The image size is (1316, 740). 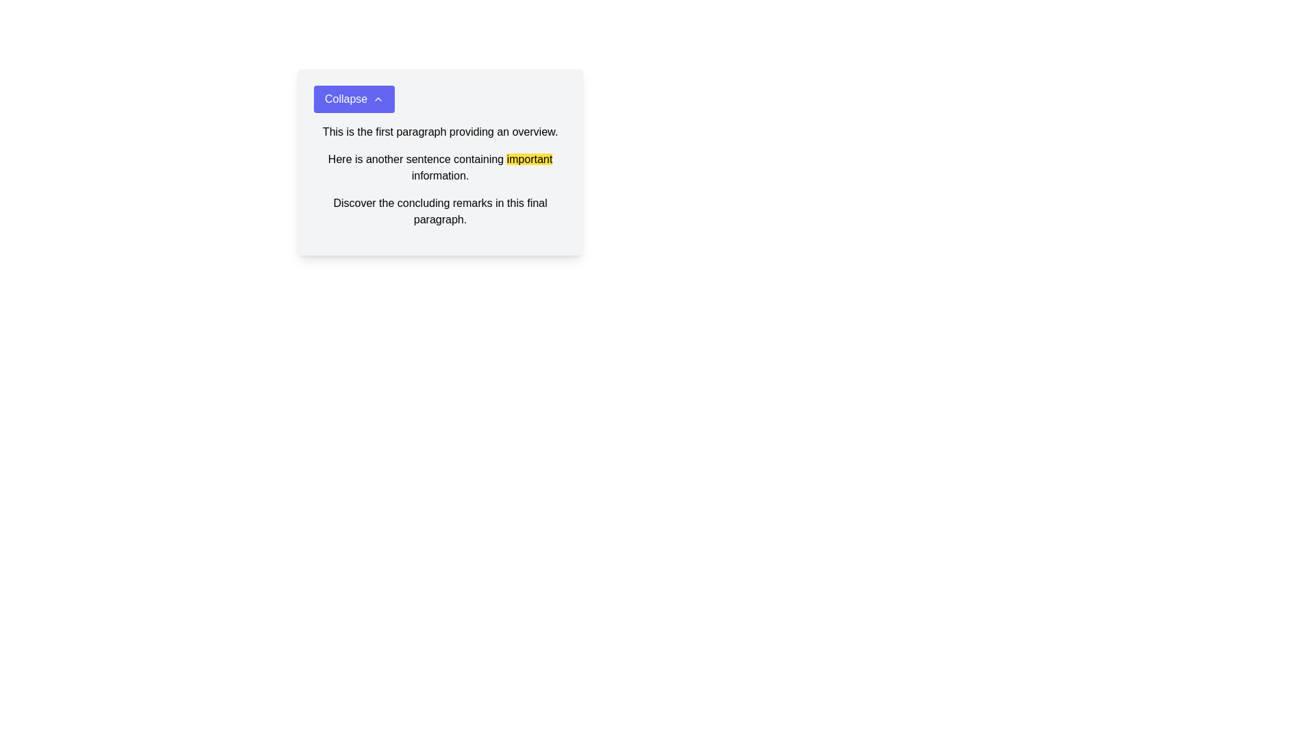 I want to click on the highlighted word 'important' which is displayed in yellow with black text, located in the middle section of the page within a sentence, so click(x=528, y=158).